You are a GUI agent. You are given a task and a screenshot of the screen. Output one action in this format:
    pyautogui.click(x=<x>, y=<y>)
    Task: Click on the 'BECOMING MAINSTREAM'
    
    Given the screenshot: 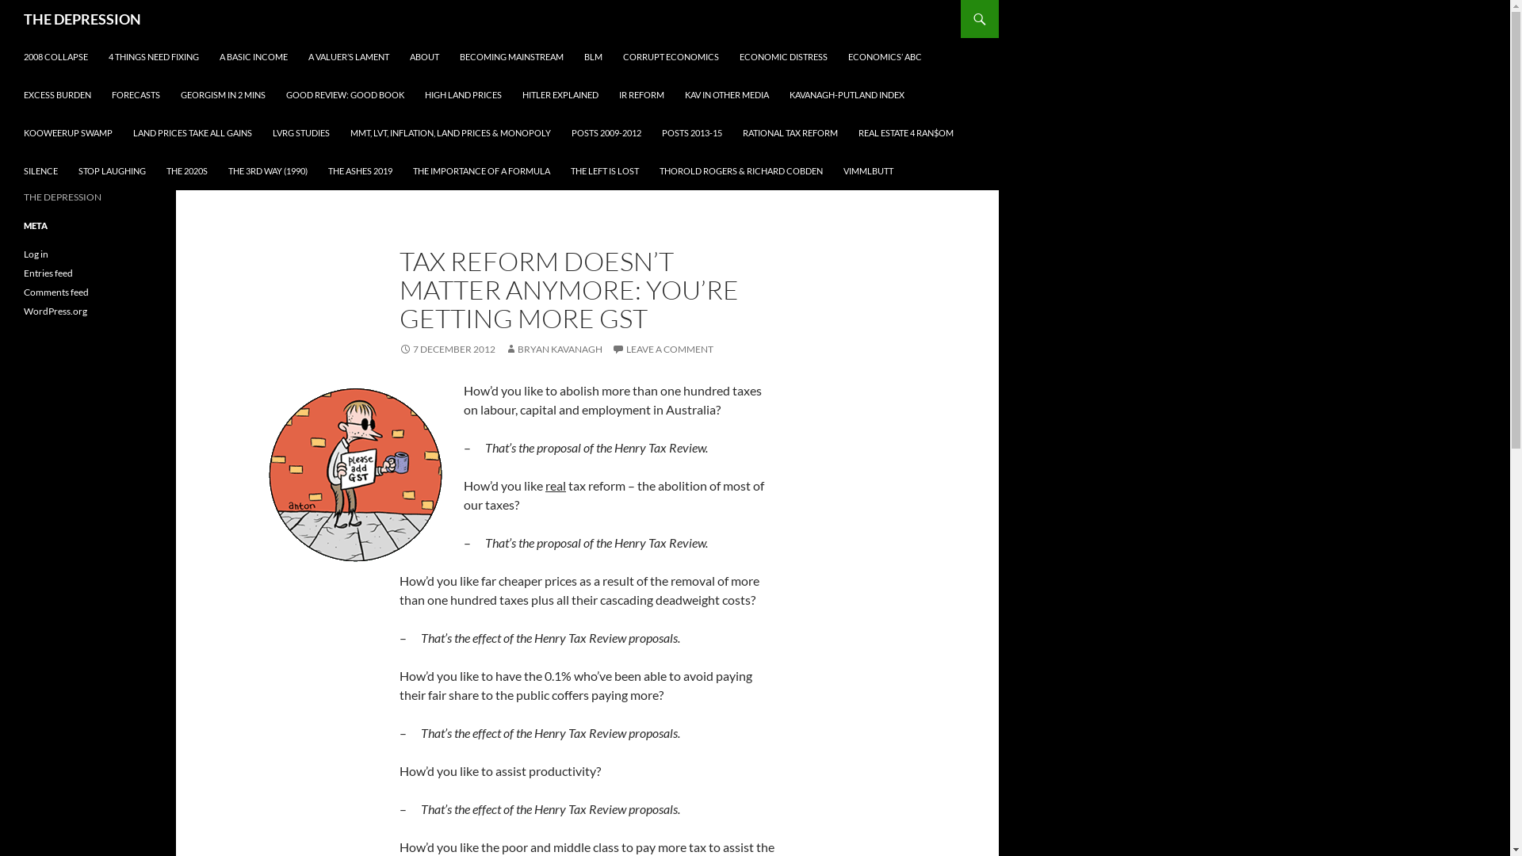 What is the action you would take?
    pyautogui.click(x=511, y=56)
    